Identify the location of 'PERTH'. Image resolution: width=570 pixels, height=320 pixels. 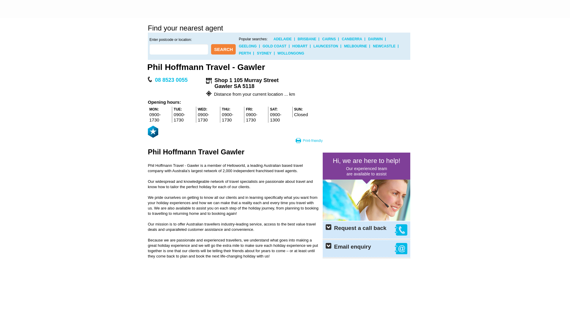
(245, 53).